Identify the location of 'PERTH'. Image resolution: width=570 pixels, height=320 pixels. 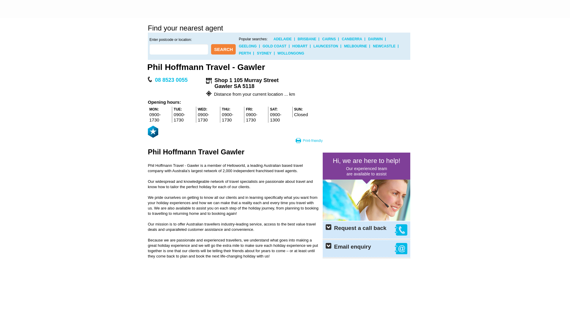
(245, 53).